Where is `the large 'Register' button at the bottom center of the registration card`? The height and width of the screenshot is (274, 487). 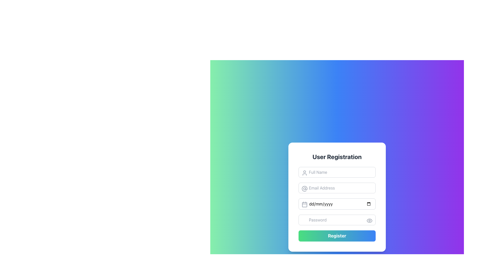
the large 'Register' button at the bottom center of the registration card is located at coordinates (337, 236).